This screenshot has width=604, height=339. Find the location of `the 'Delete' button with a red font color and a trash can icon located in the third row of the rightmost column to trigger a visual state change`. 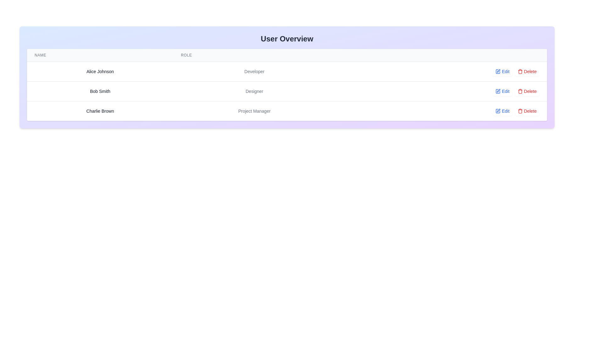

the 'Delete' button with a red font color and a trash can icon located in the third row of the rightmost column to trigger a visual state change is located at coordinates (527, 111).